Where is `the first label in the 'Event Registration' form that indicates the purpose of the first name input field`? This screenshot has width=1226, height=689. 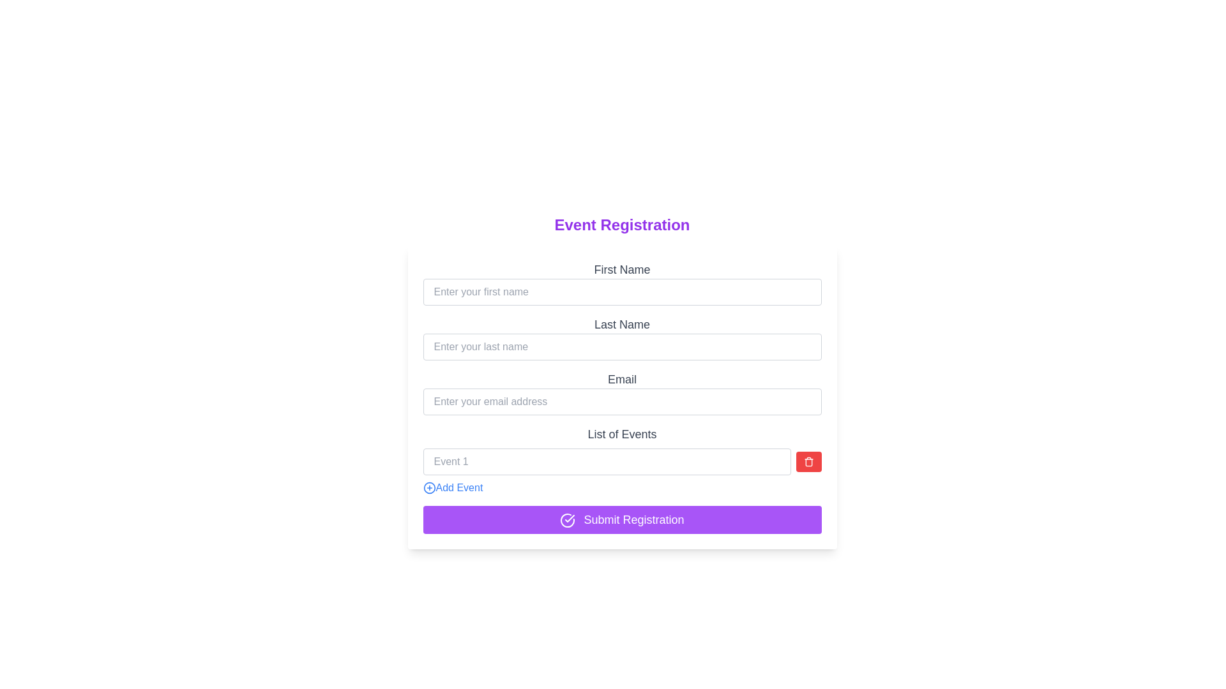 the first label in the 'Event Registration' form that indicates the purpose of the first name input field is located at coordinates (622, 269).